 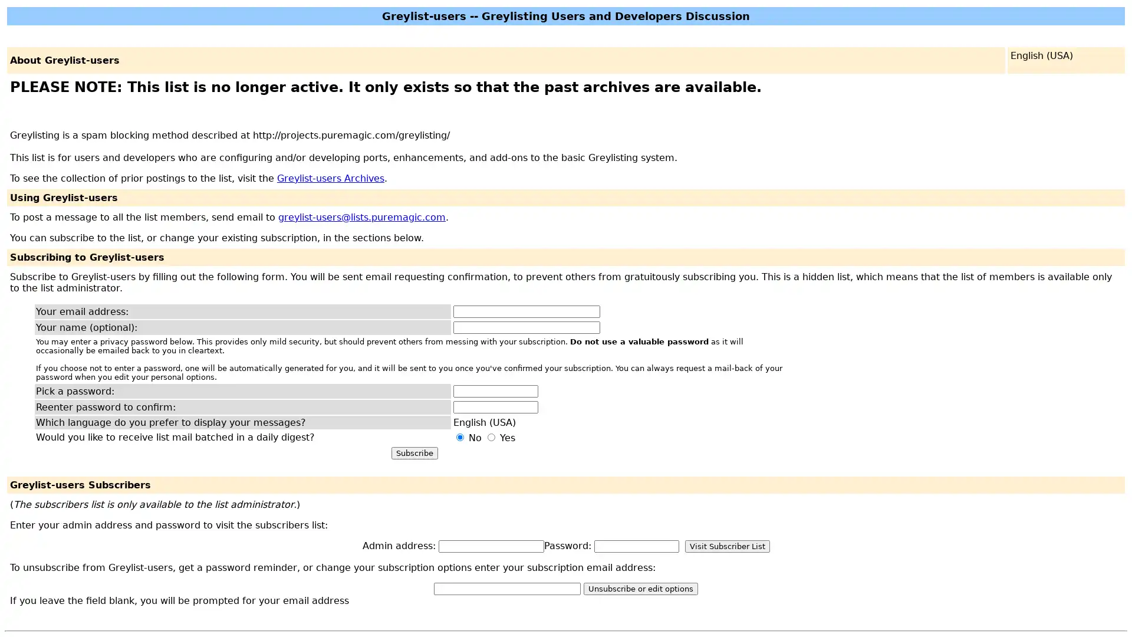 What do you see at coordinates (640, 588) in the screenshot?
I see `Unsubscribe or edit options` at bounding box center [640, 588].